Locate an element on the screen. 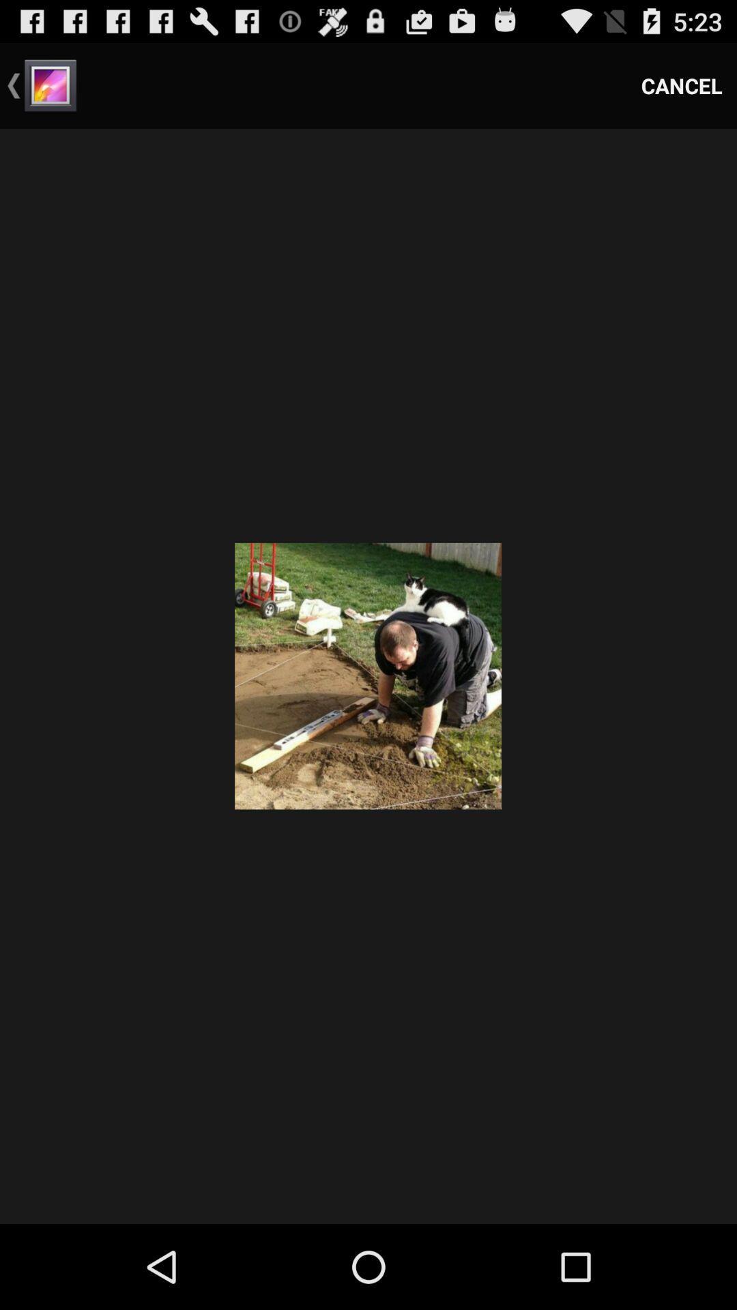  the cancel at the top right corner is located at coordinates (682, 85).